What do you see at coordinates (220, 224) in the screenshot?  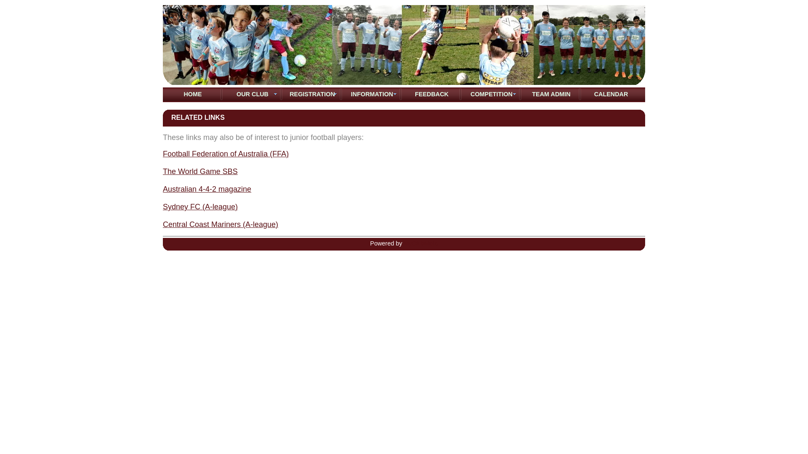 I see `'Central Coast Mariners (A-league)'` at bounding box center [220, 224].